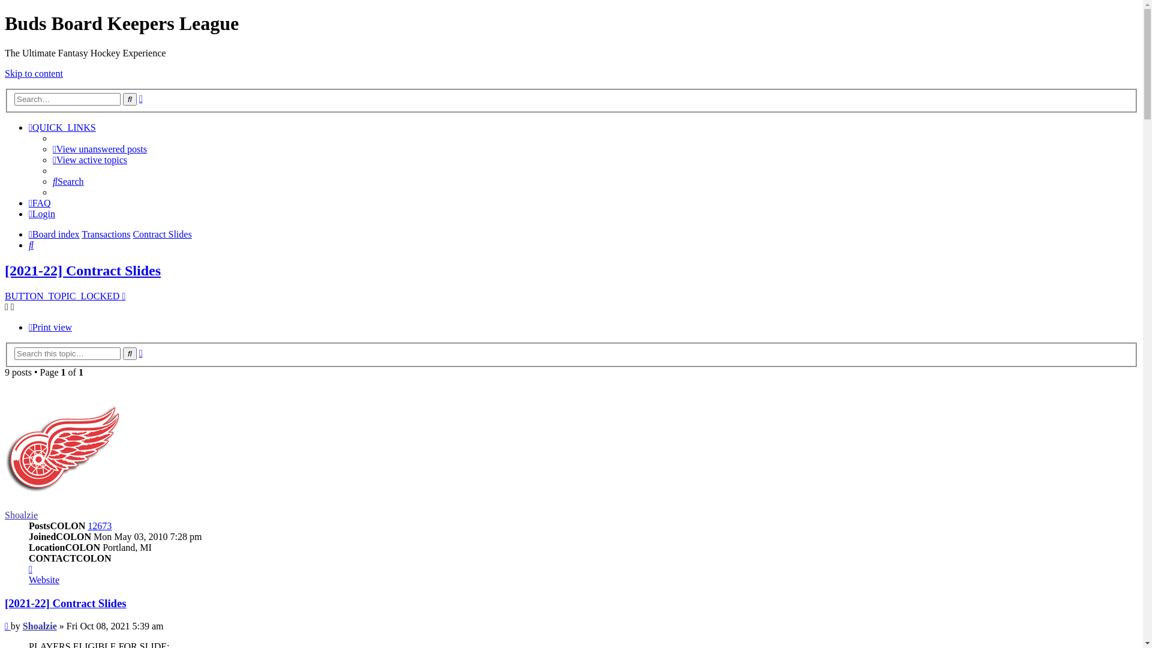 Image resolution: width=1152 pixels, height=648 pixels. I want to click on 'Search', so click(130, 353).